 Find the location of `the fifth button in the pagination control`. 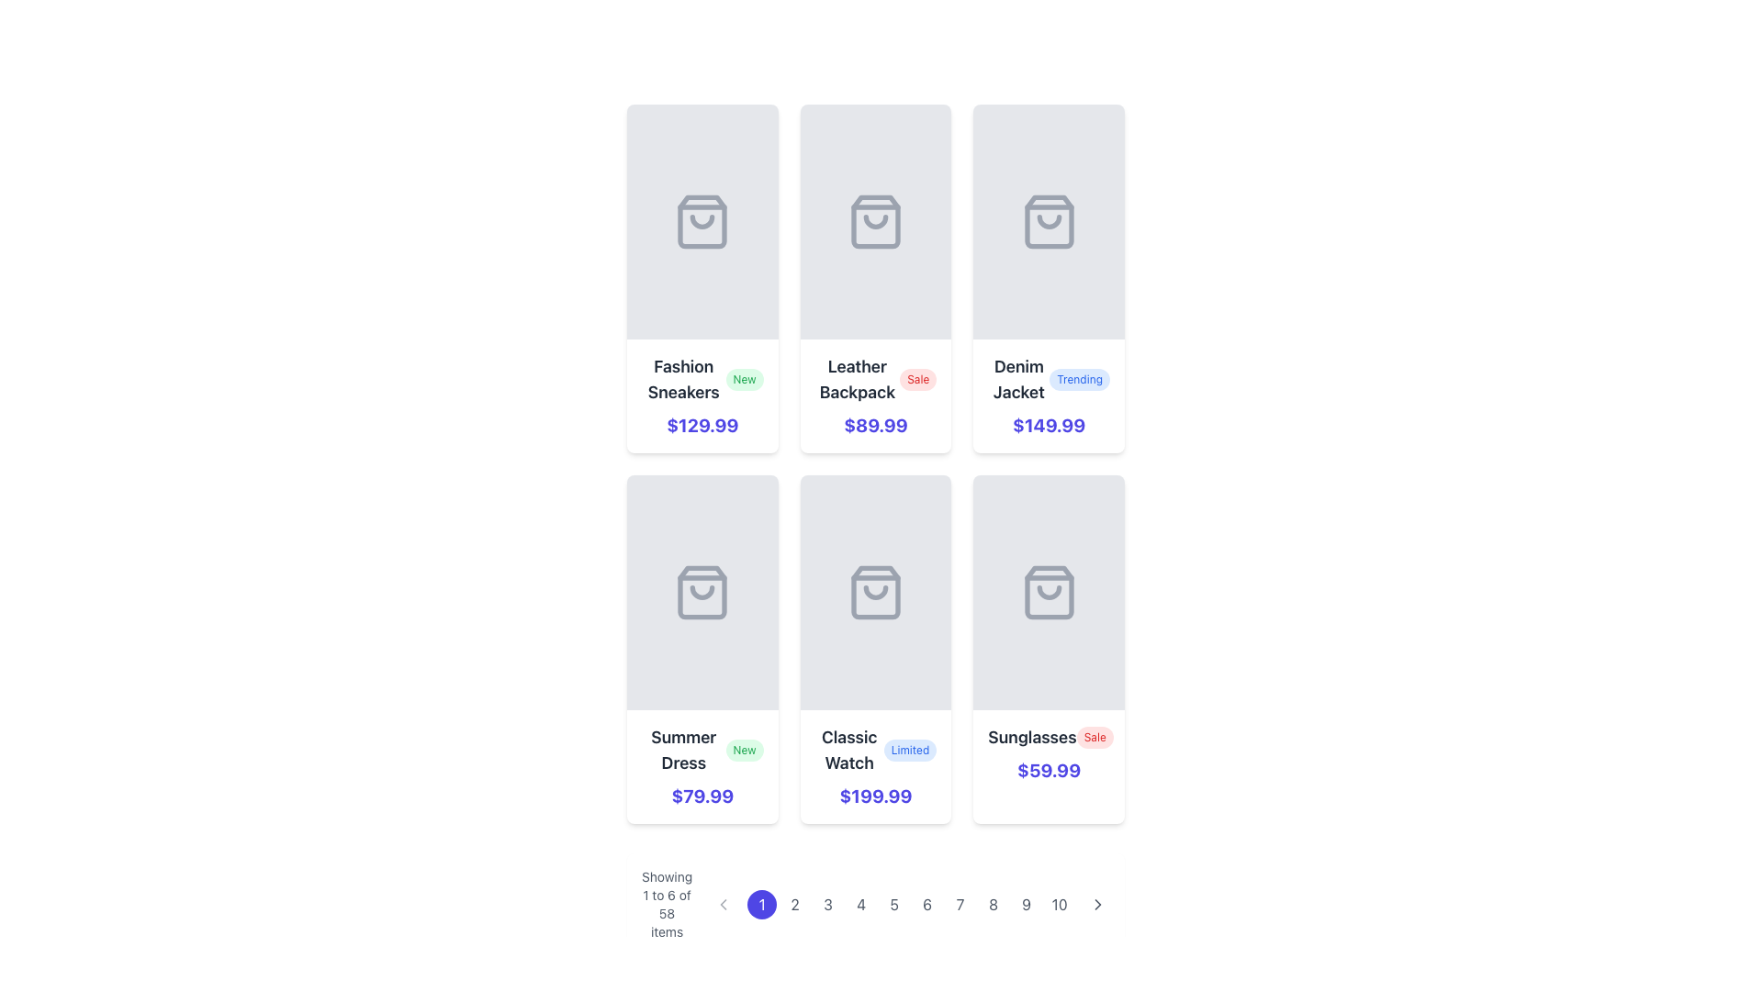

the fifth button in the pagination control is located at coordinates (911, 904).